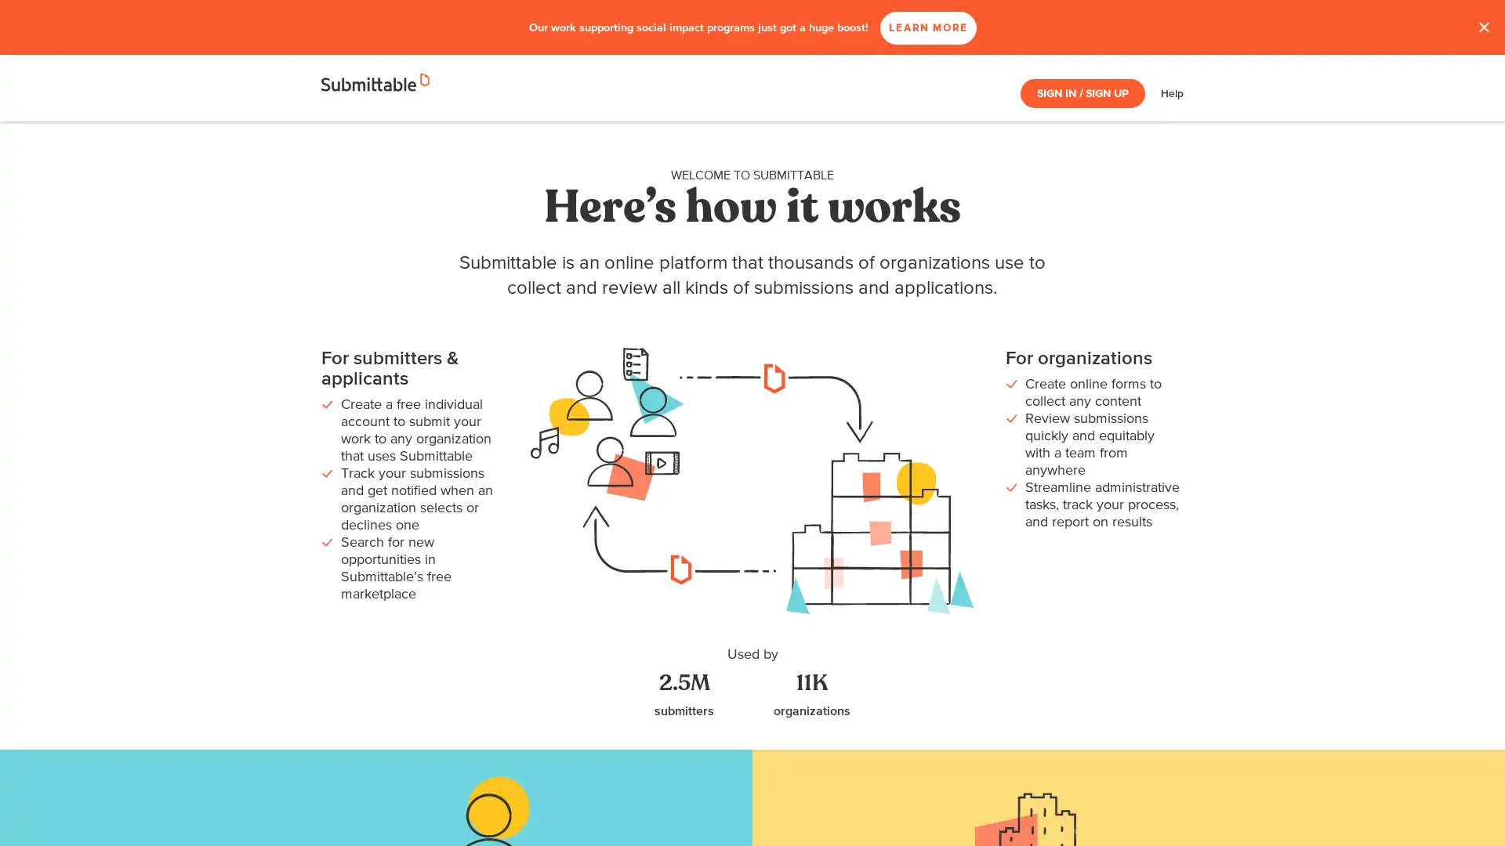 This screenshot has height=846, width=1505. Describe the element at coordinates (1465, 806) in the screenshot. I see `Open Intercom Messenger` at that location.